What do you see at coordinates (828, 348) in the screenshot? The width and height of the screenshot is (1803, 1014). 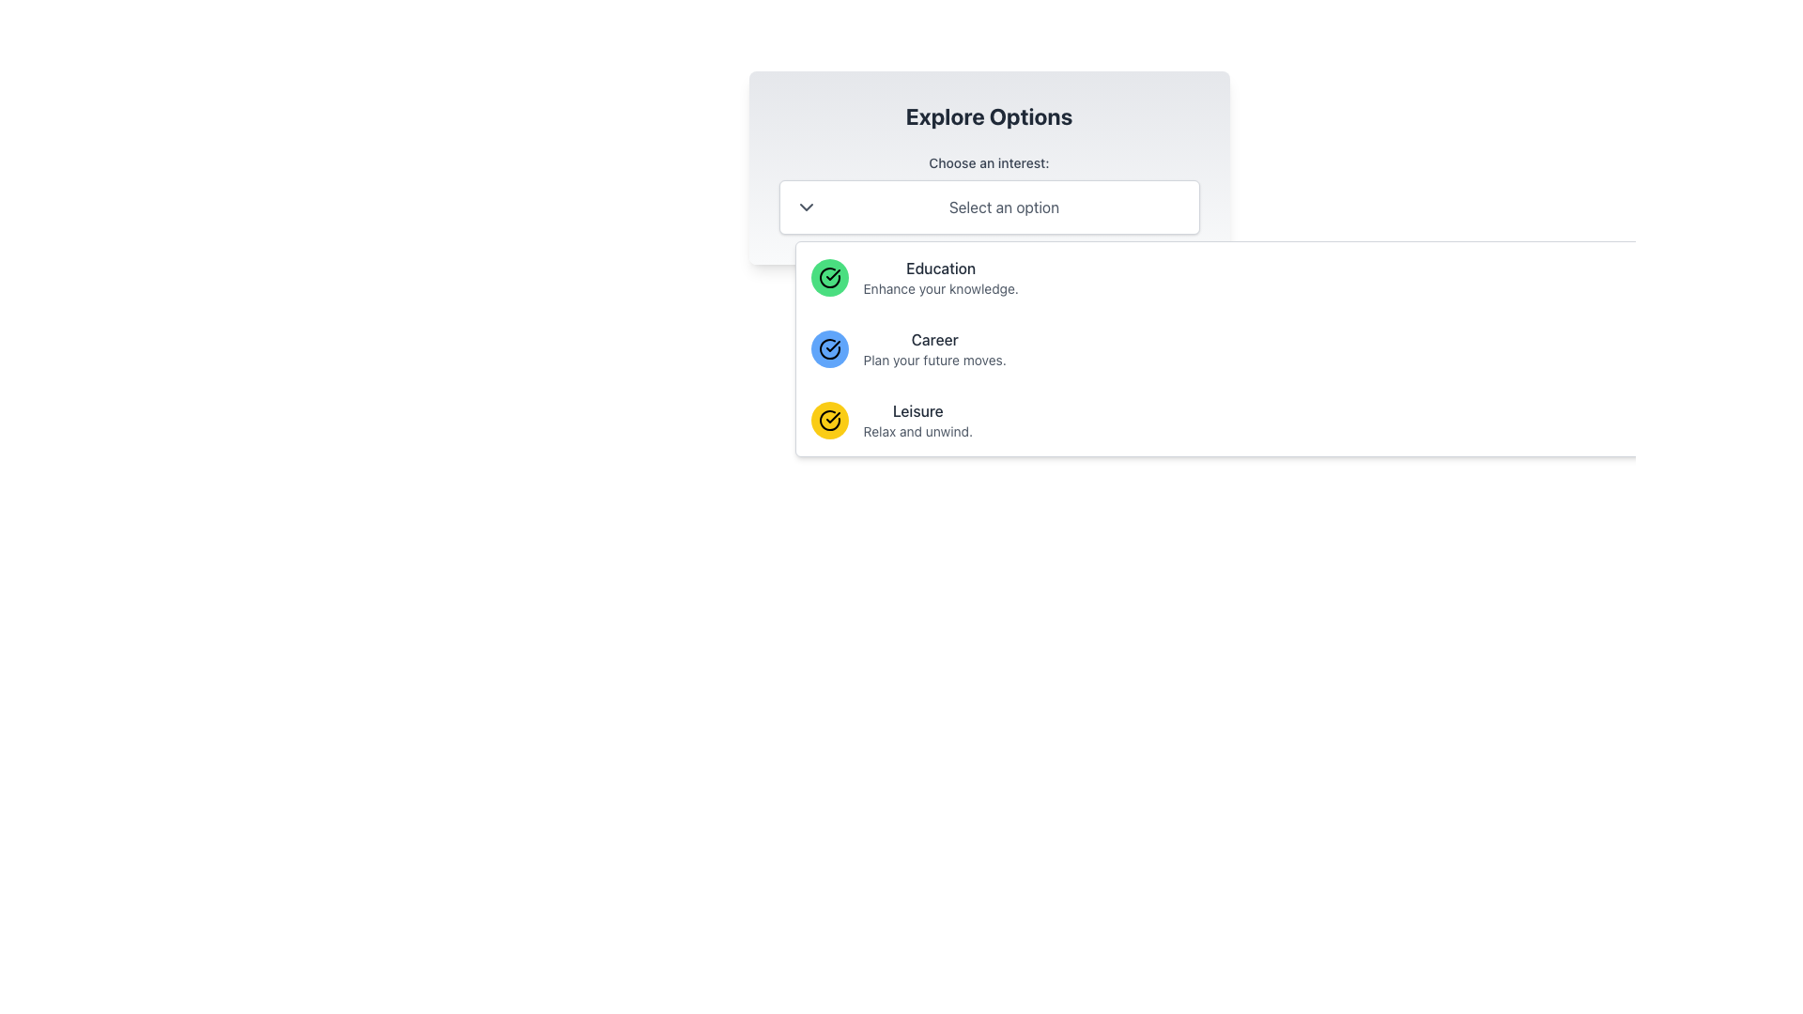 I see `the circular blue icon with a check mark inside, representing the 'Career' entry in the drop-down menu under 'Choose an interest'` at bounding box center [828, 348].